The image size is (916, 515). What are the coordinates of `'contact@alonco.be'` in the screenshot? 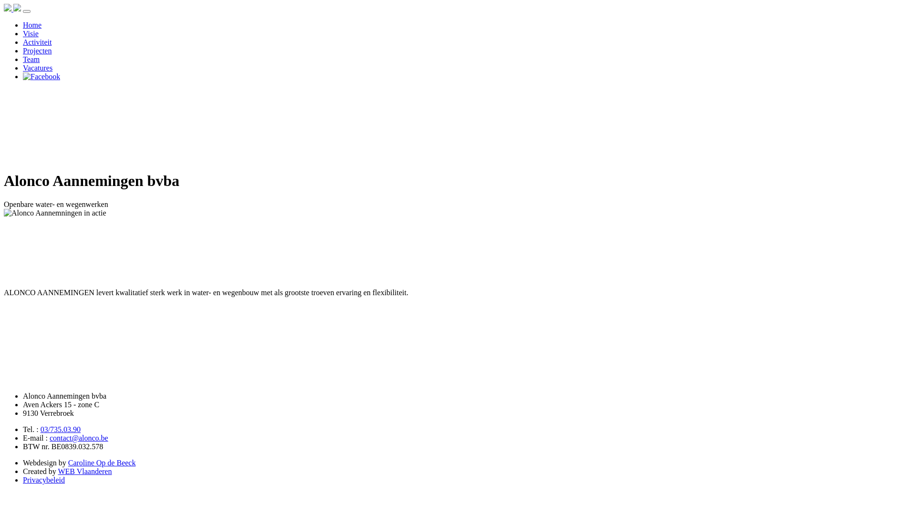 It's located at (79, 438).